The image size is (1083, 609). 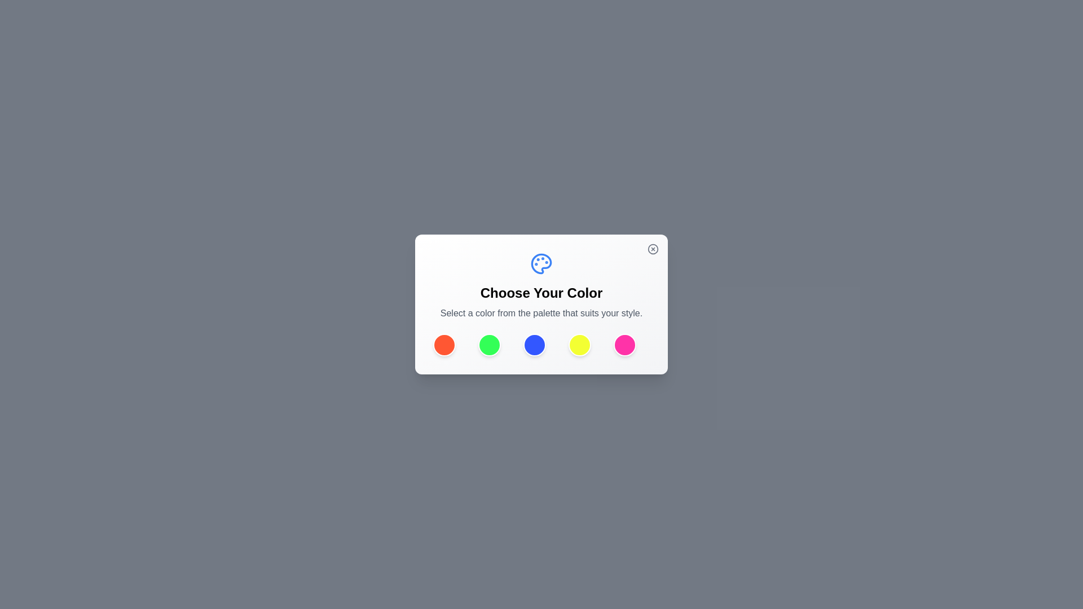 I want to click on the close button to close the dialog, so click(x=653, y=249).